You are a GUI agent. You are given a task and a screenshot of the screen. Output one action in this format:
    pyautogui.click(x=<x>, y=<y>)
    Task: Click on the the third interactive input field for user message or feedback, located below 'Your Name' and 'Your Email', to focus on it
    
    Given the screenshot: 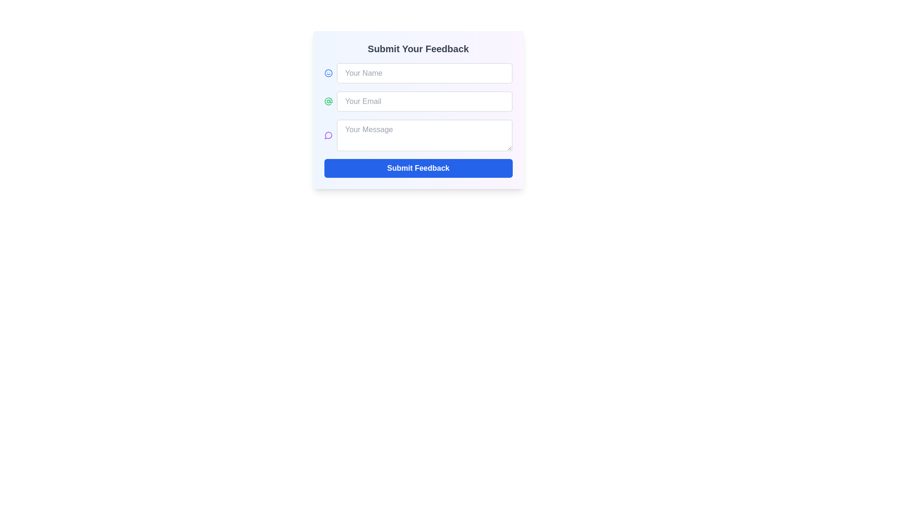 What is the action you would take?
    pyautogui.click(x=418, y=135)
    